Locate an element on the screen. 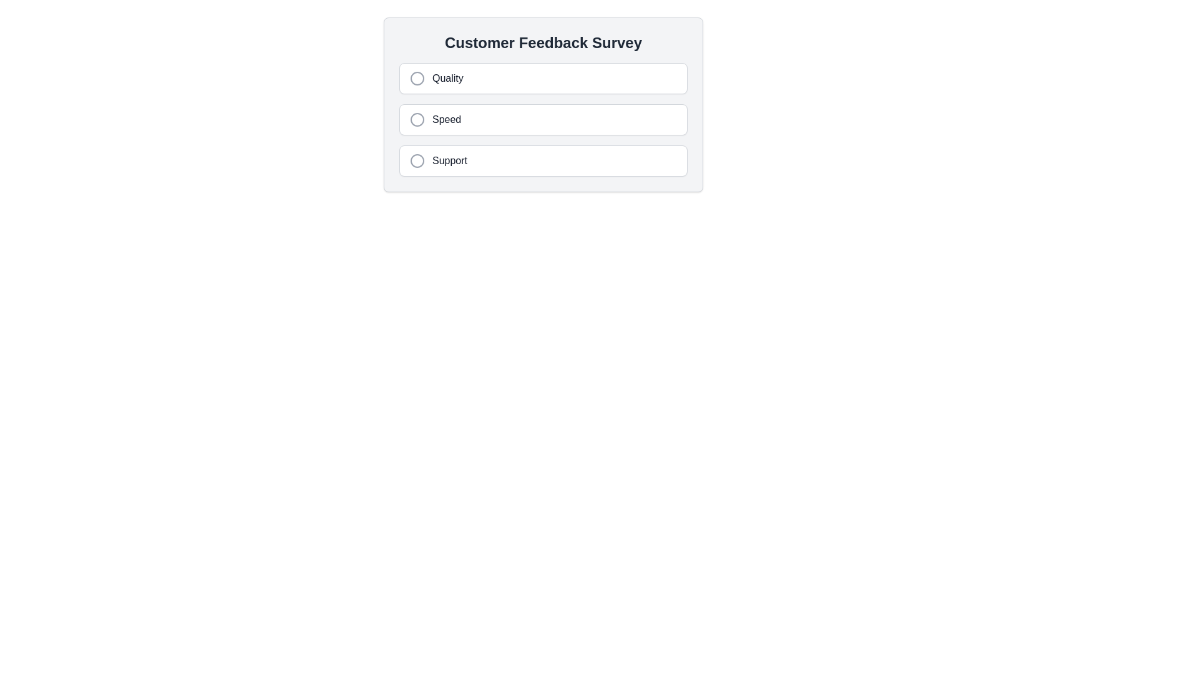 This screenshot has height=674, width=1198. the circular radio button for the 'Speed' option in the survey form is located at coordinates (417, 120).